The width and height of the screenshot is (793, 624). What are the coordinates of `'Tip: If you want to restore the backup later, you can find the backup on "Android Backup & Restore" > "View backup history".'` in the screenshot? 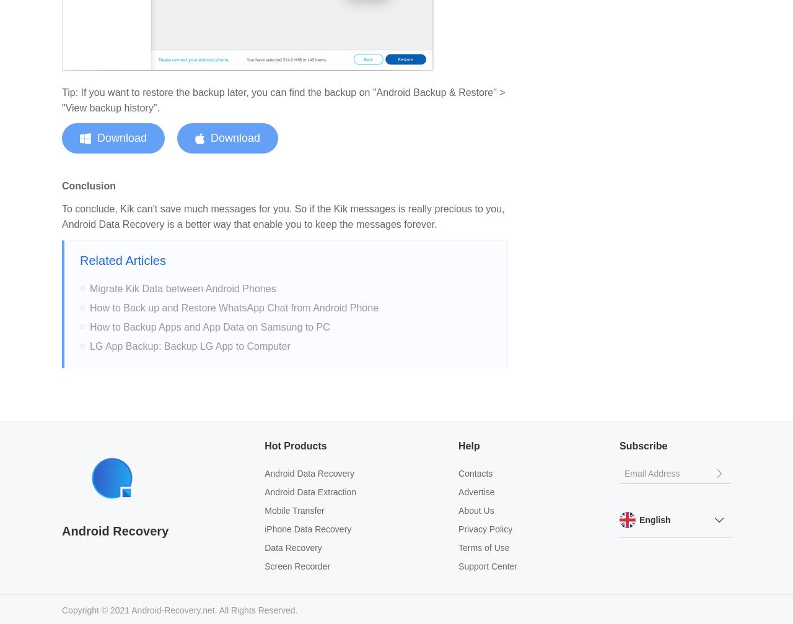 It's located at (283, 99).